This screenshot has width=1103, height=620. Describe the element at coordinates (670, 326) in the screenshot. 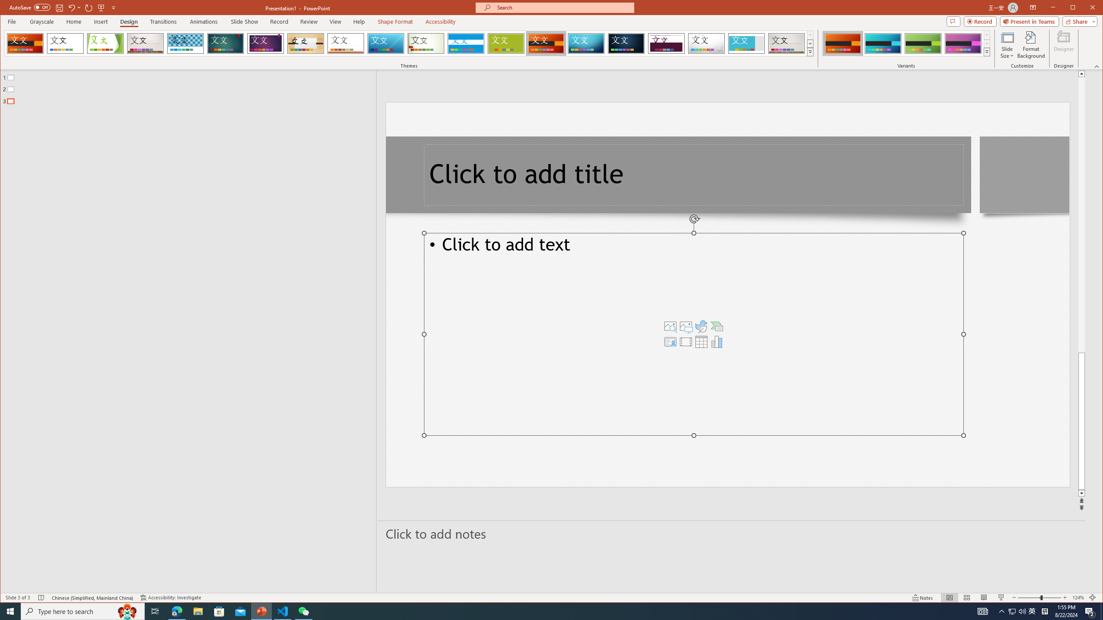

I see `'Stock Images'` at that location.